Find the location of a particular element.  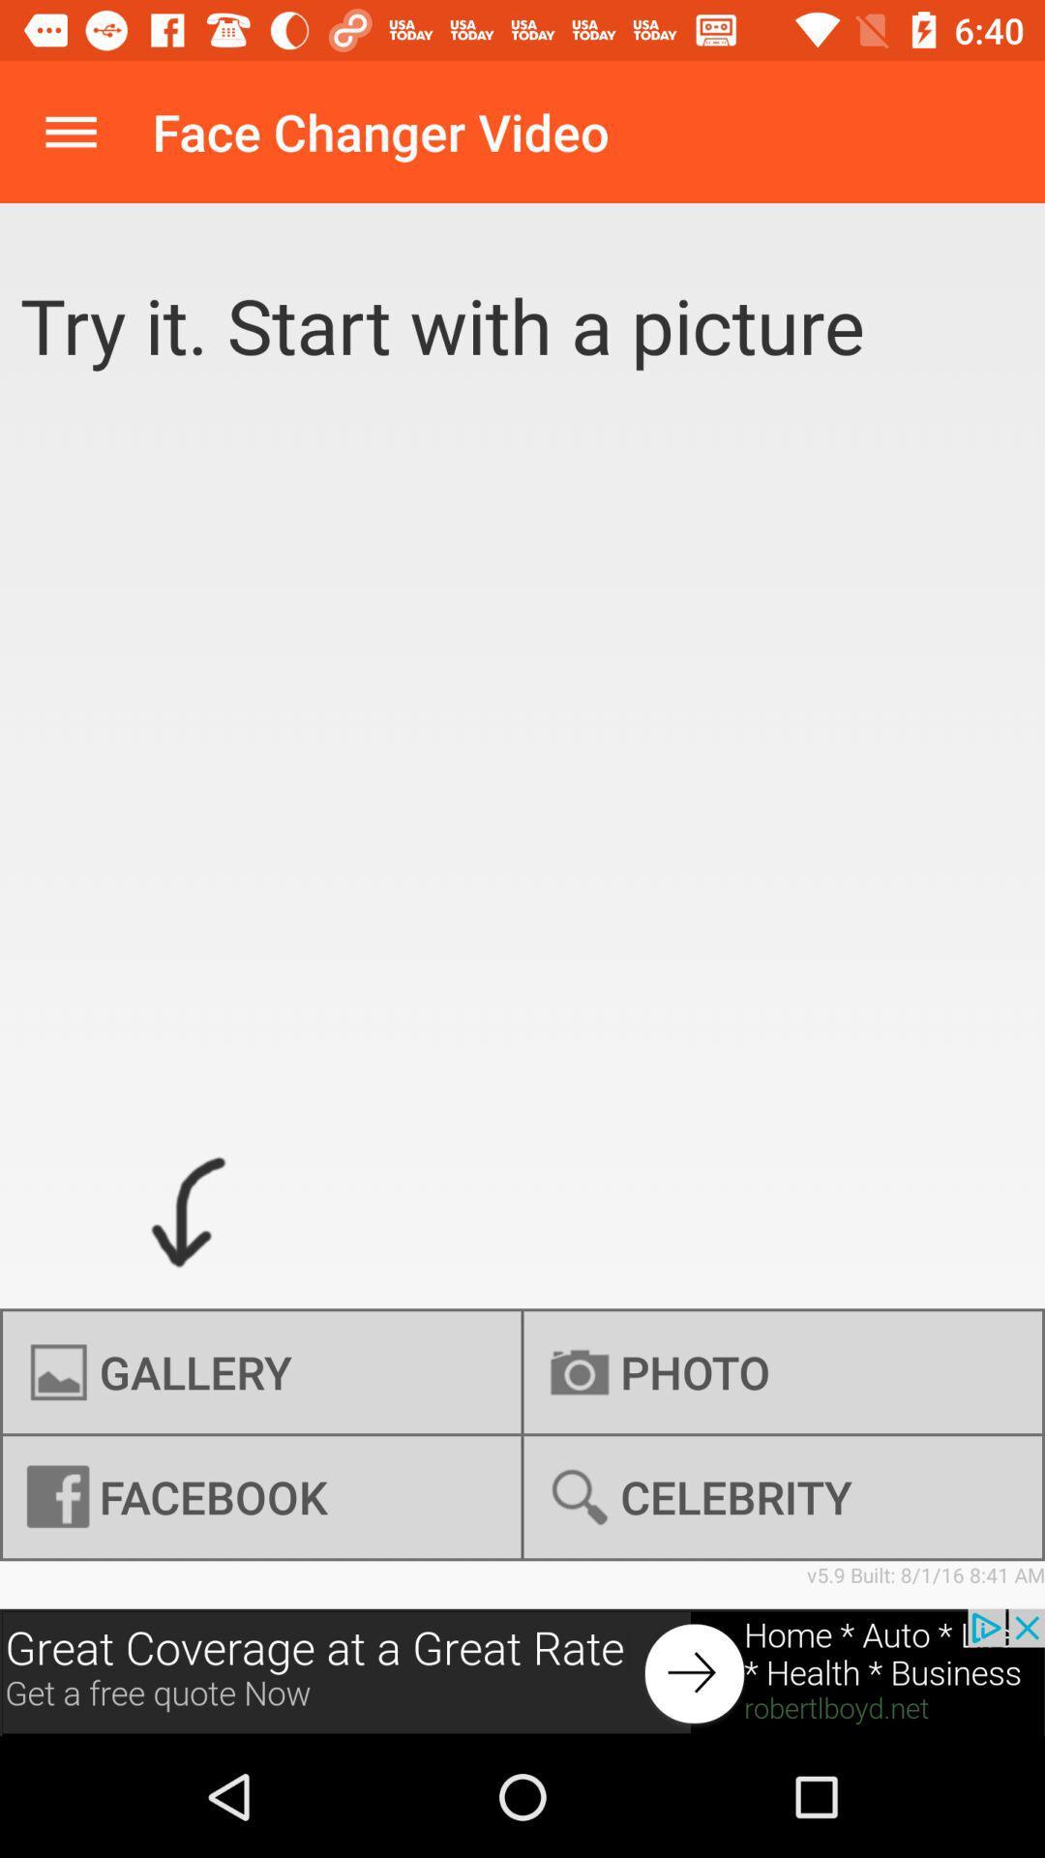

expand menu is located at coordinates (70, 131).